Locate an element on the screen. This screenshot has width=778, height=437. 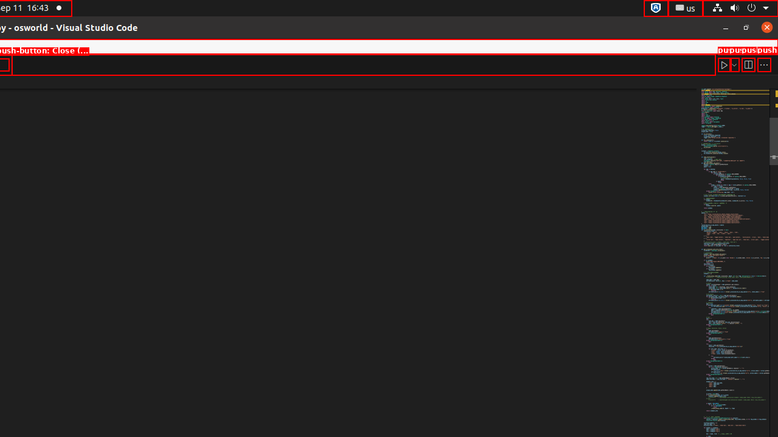
'Run or Debug...' is located at coordinates (733, 64).